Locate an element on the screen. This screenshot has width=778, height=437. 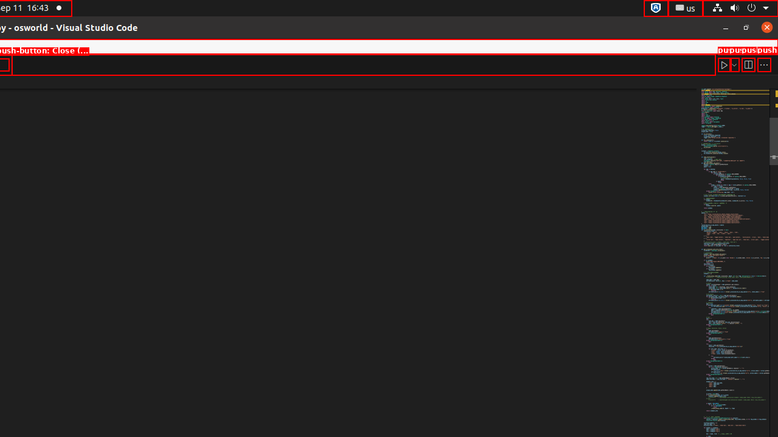
'Run or Debug...' is located at coordinates (733, 64).